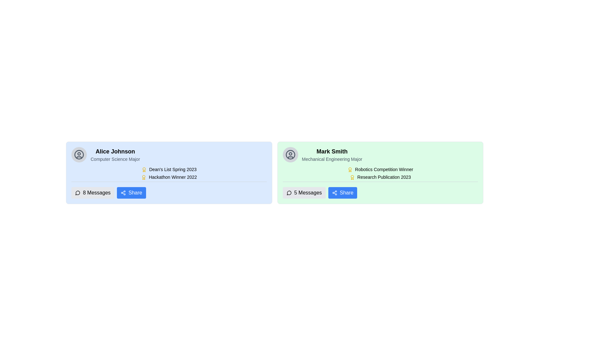  Describe the element at coordinates (349, 169) in the screenshot. I see `the graphical icon shaped like an award ribbon, which is golden-yellow and located to the left of the 'Robotics Competition Winner' text in Mark Smith's profile card` at that location.